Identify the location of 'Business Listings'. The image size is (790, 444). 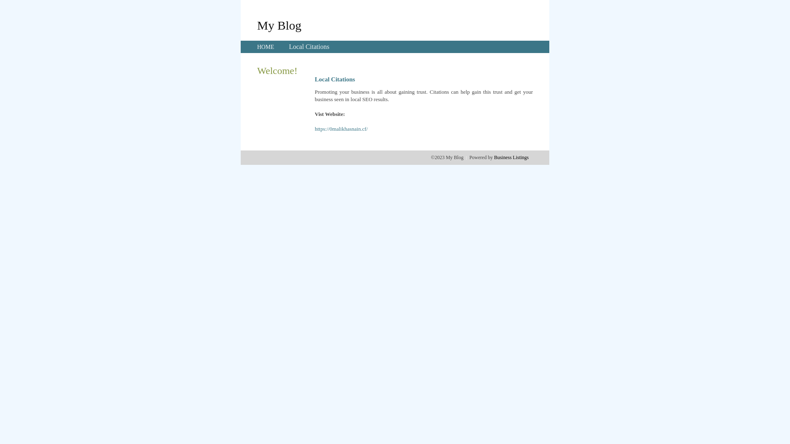
(511, 157).